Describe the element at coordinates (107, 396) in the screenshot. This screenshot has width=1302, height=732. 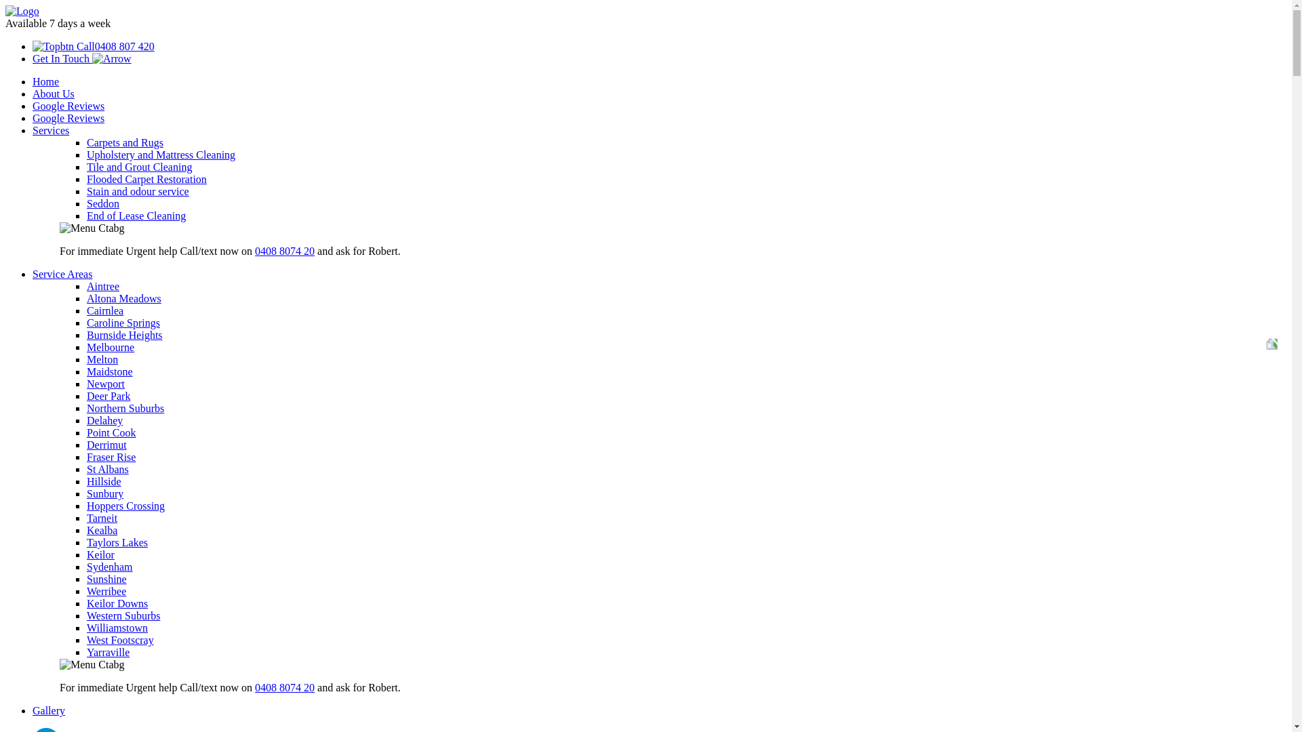
I see `'Deer Park'` at that location.